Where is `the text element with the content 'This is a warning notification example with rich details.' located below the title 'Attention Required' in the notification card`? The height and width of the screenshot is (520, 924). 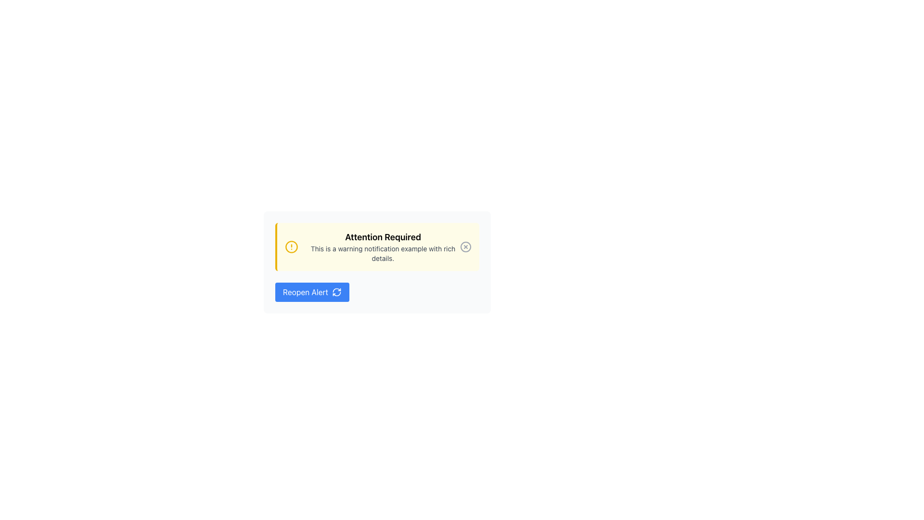 the text element with the content 'This is a warning notification example with rich details.' located below the title 'Attention Required' in the notification card is located at coordinates (383, 253).